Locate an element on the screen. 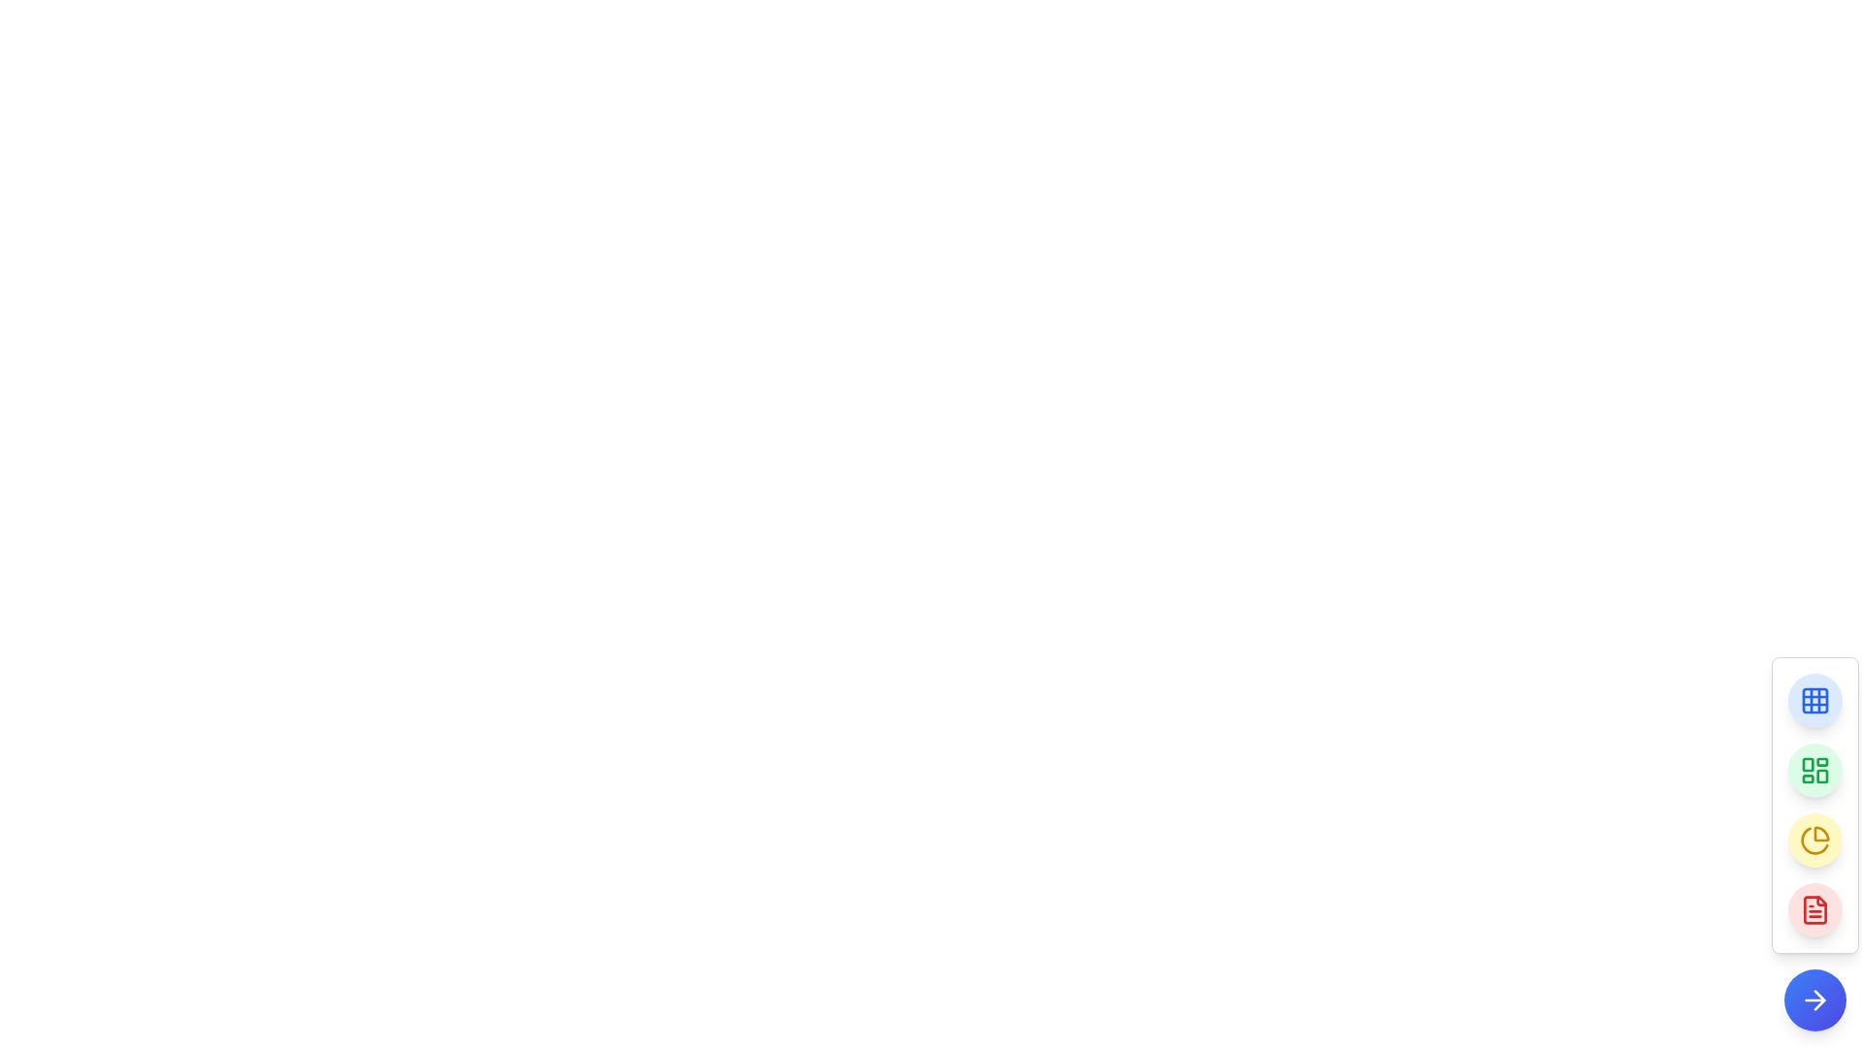 The image size is (1862, 1047). the circular button with a blue gradient background and a white arrow pointing to the right is located at coordinates (1814, 1000).